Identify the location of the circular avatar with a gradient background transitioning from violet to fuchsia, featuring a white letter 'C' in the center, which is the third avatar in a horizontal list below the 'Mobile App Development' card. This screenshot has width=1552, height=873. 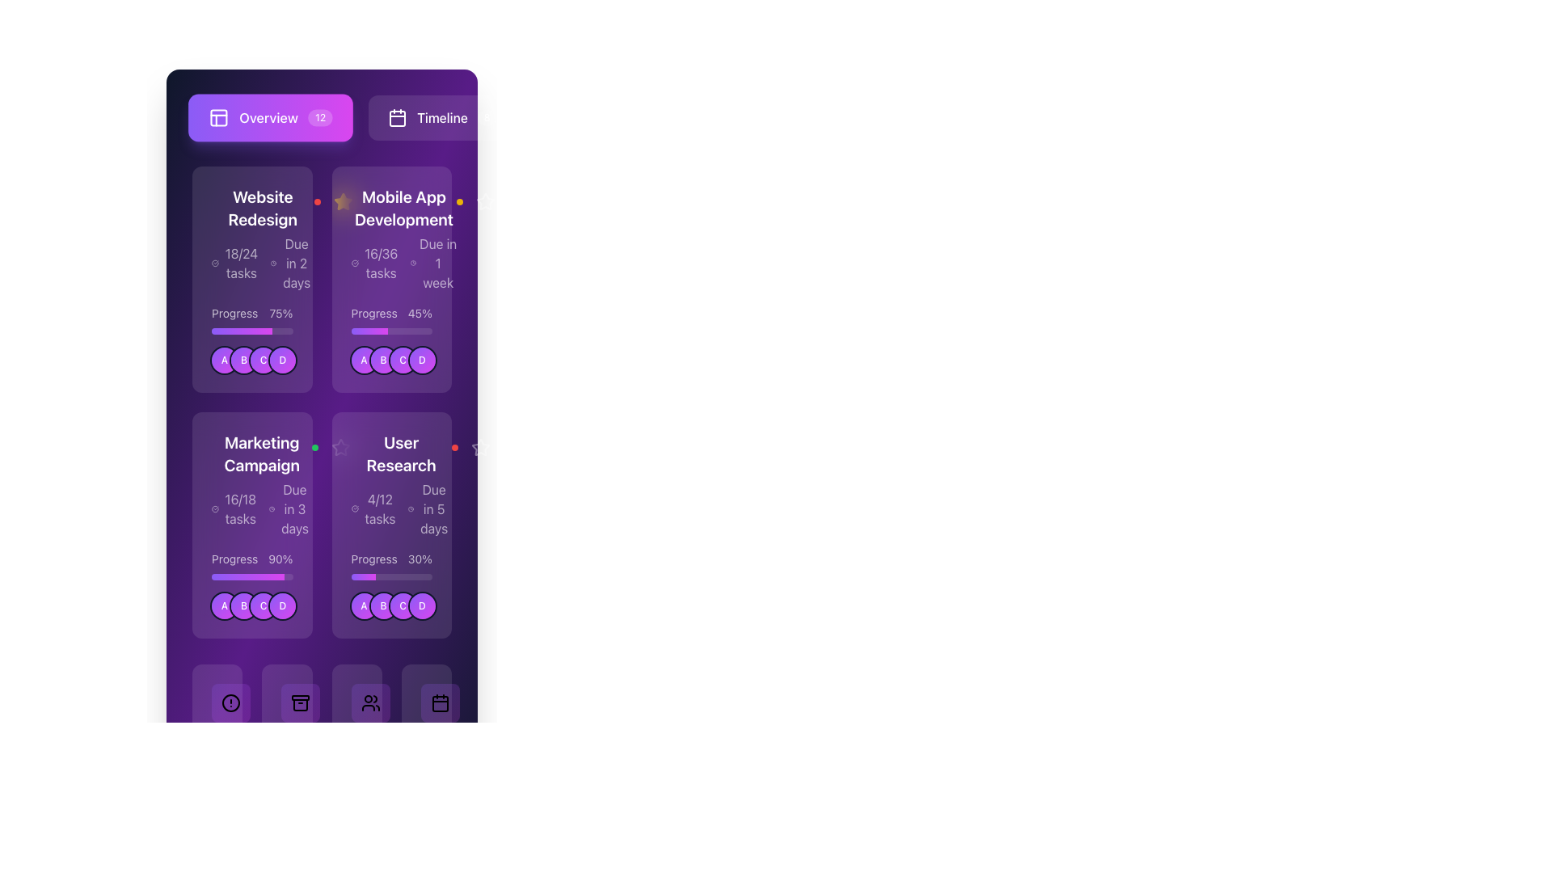
(403, 360).